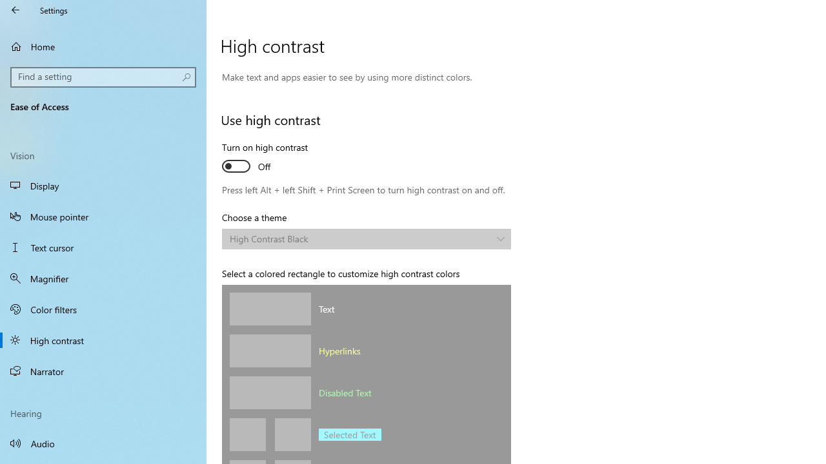 This screenshot has height=464, width=826. What do you see at coordinates (366, 239) in the screenshot?
I see `'High contrast theme'` at bounding box center [366, 239].